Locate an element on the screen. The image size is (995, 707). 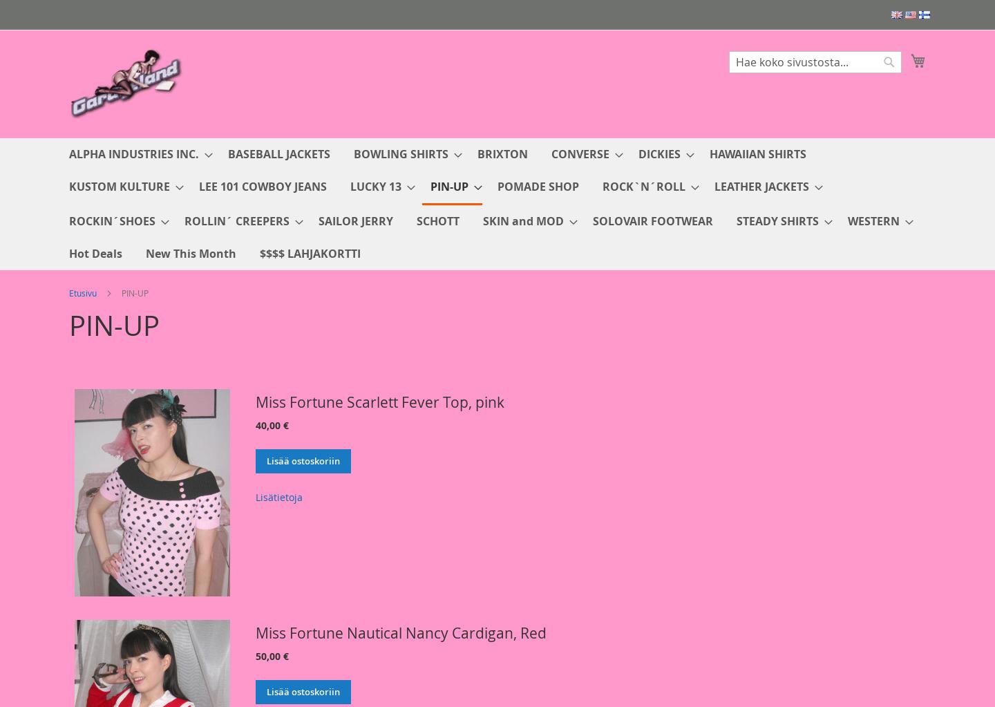
'BRIXTON' is located at coordinates (502, 153).